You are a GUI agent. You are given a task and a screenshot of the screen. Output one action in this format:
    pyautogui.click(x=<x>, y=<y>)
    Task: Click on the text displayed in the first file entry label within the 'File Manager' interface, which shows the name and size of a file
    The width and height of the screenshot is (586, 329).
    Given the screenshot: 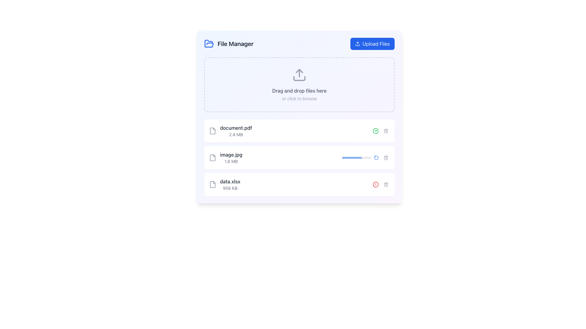 What is the action you would take?
    pyautogui.click(x=230, y=130)
    